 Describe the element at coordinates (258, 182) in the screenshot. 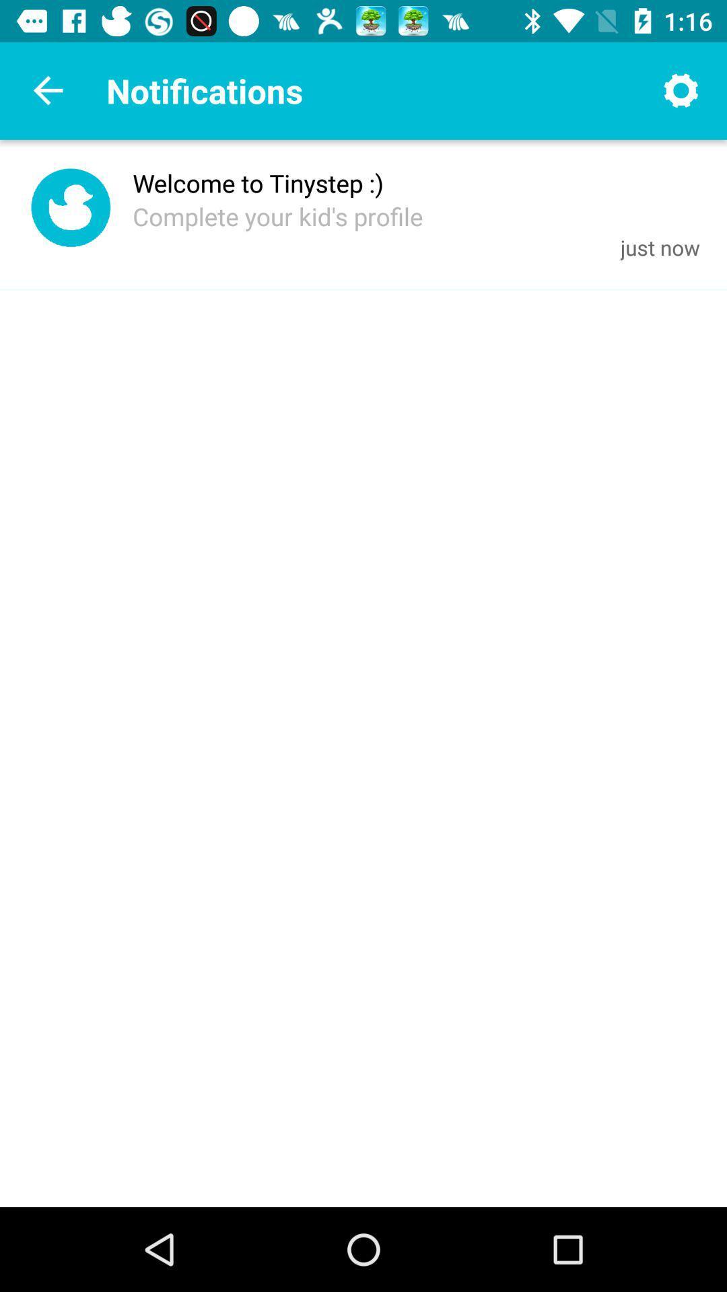

I see `welcome to tinystep :) icon` at that location.